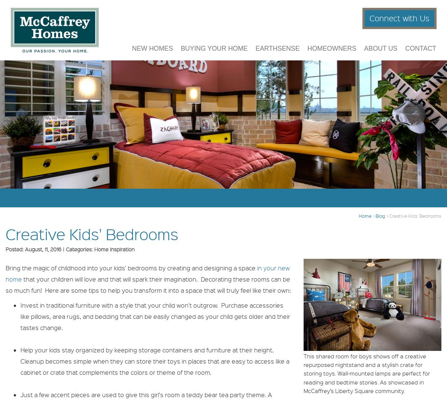 This screenshot has height=402, width=447. What do you see at coordinates (214, 53) in the screenshot?
I see `'BUYING YOUR HOME'` at bounding box center [214, 53].